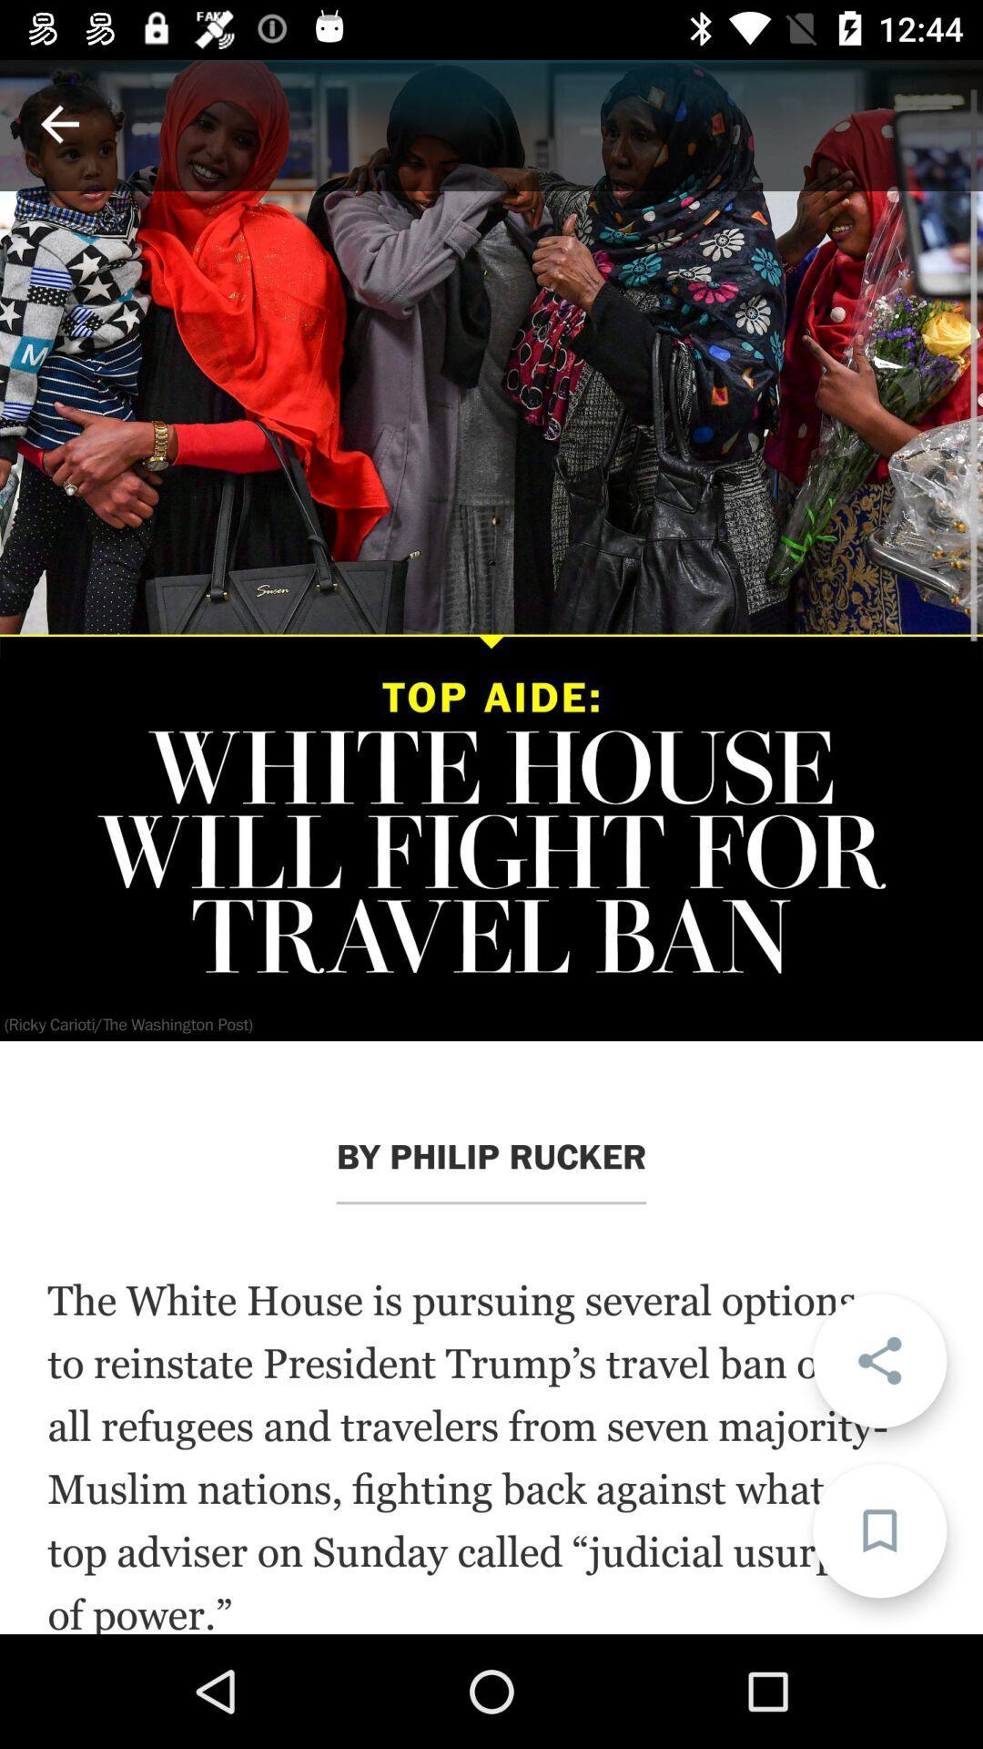 This screenshot has height=1749, width=983. What do you see at coordinates (878, 1530) in the screenshot?
I see `the bookmark icon` at bounding box center [878, 1530].